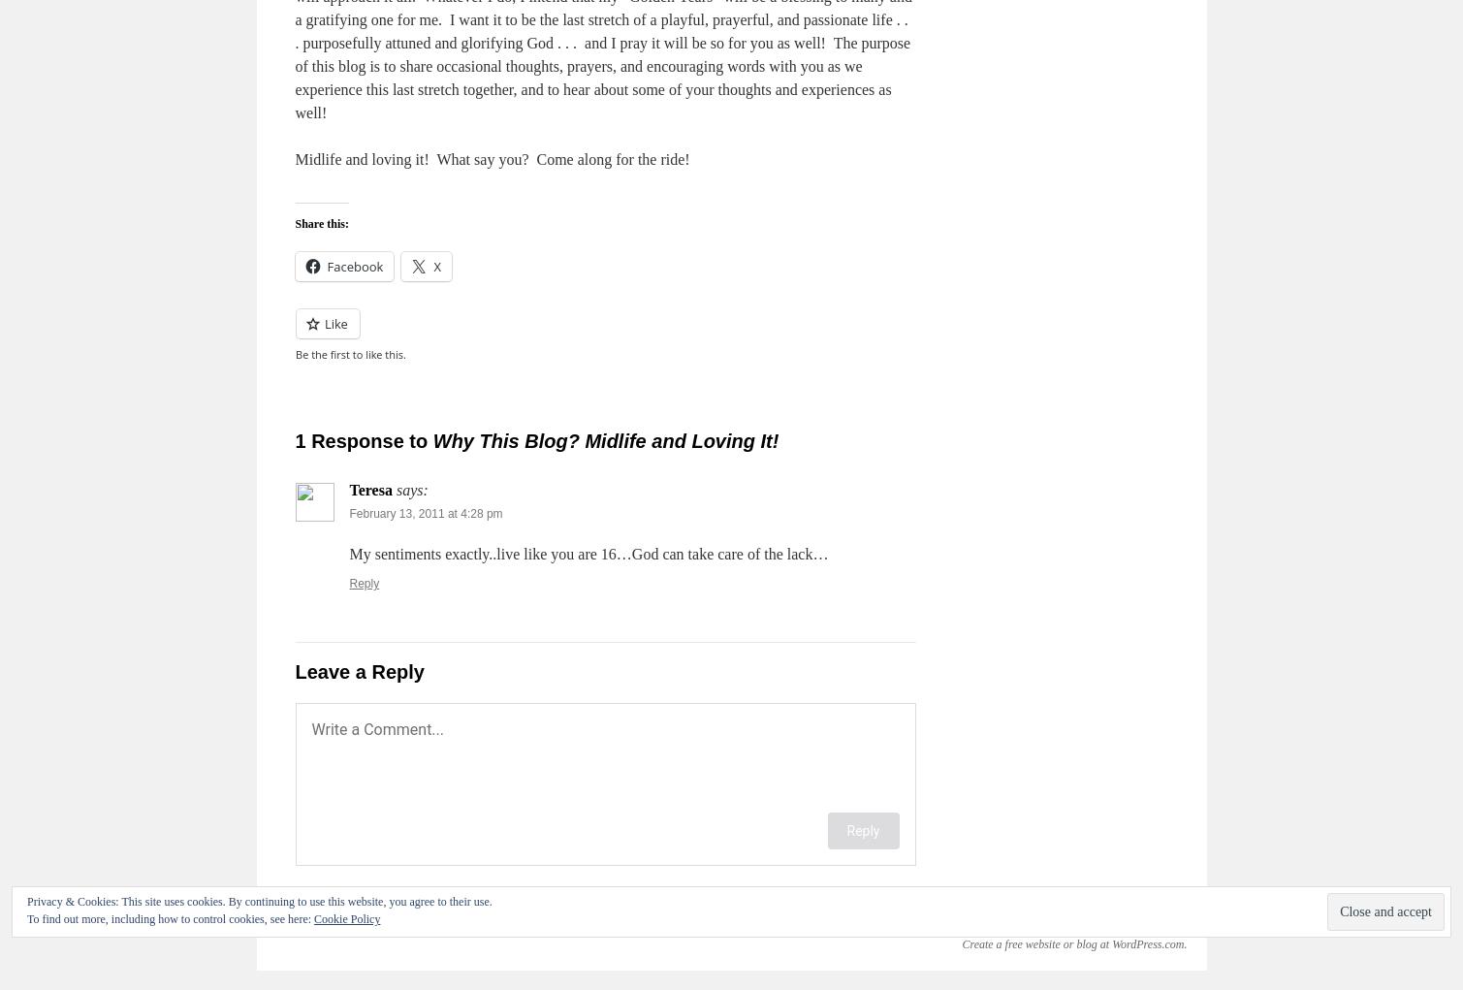 The height and width of the screenshot is (990, 1463). What do you see at coordinates (312, 917) in the screenshot?
I see `'Cookie Policy'` at bounding box center [312, 917].